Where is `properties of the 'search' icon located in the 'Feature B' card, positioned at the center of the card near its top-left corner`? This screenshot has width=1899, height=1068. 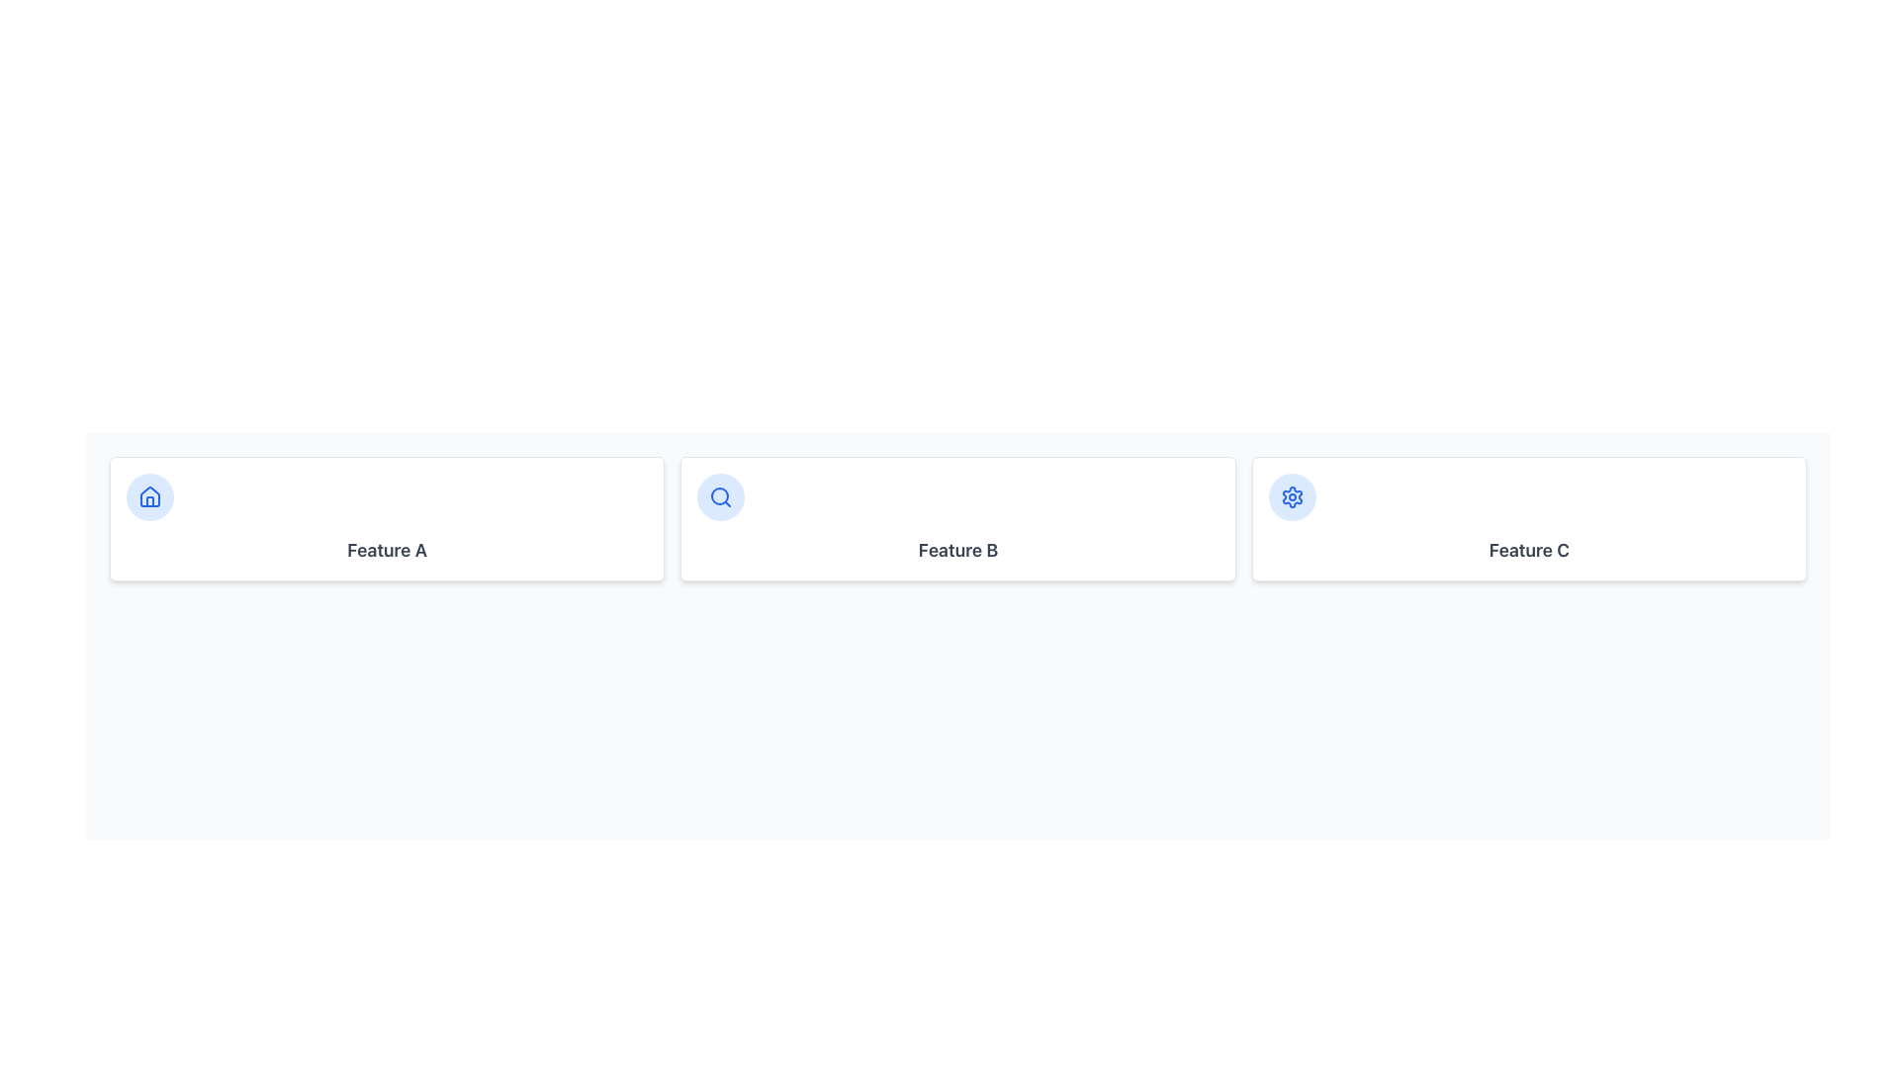
properties of the 'search' icon located in the 'Feature B' card, positioned at the center of the card near its top-left corner is located at coordinates (719, 494).